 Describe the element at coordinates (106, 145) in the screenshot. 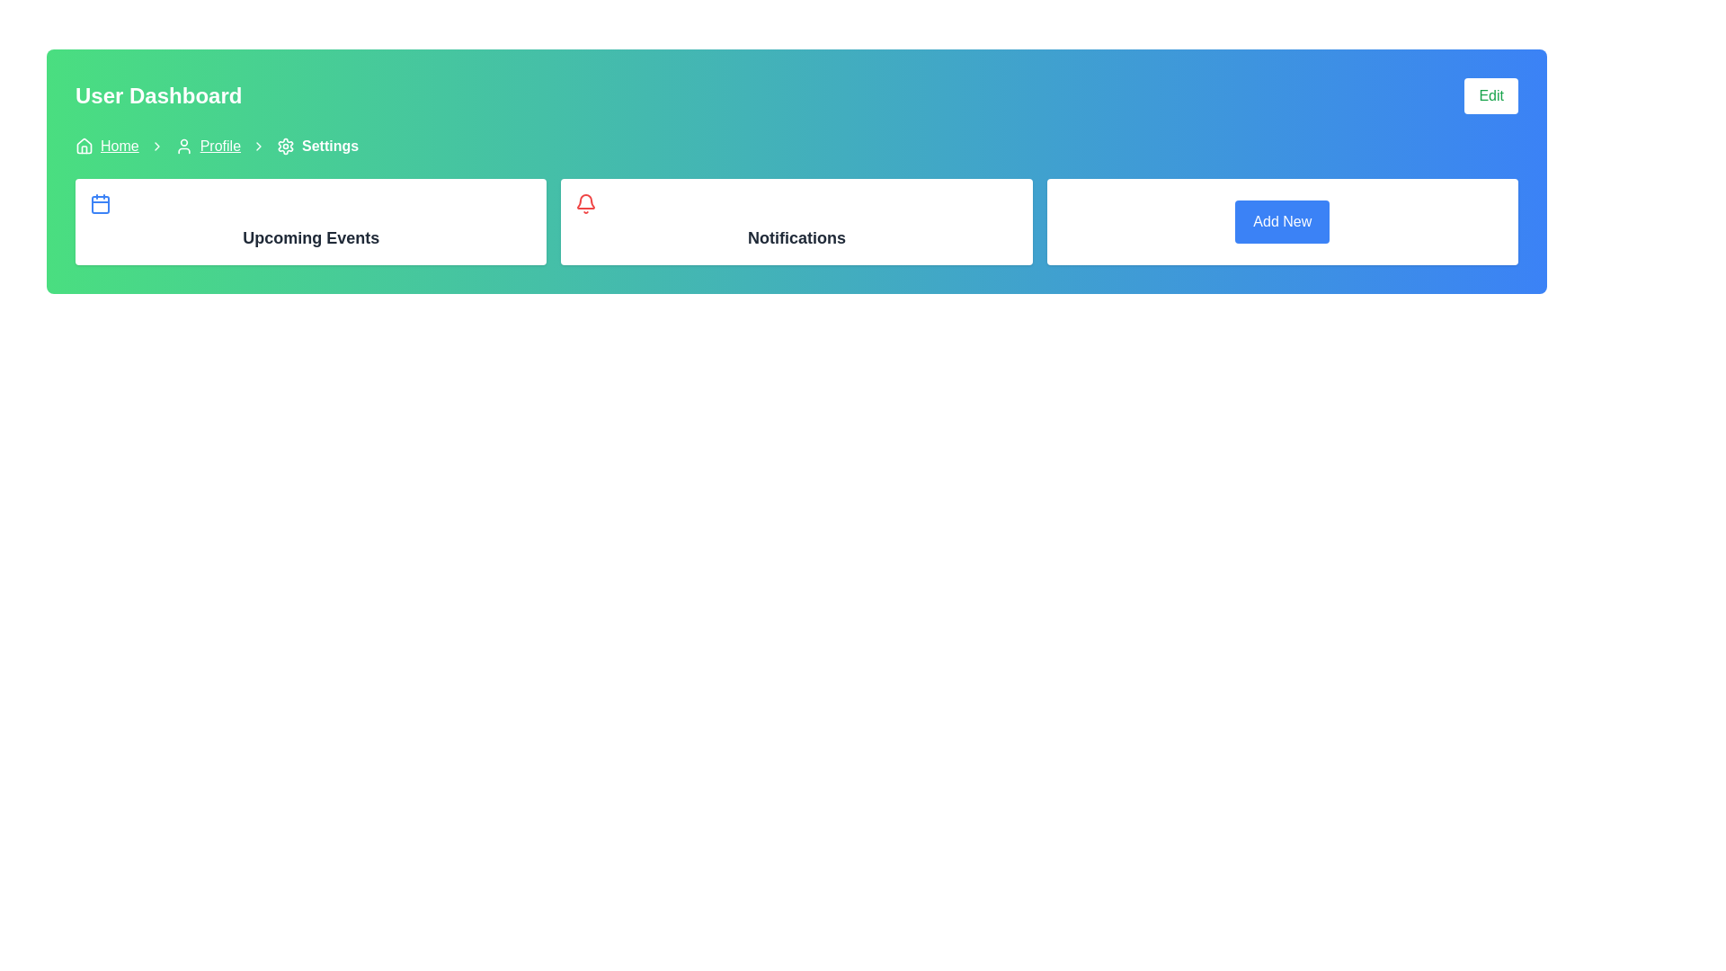

I see `the 'Home' link in the breadcrumb navigation` at that location.